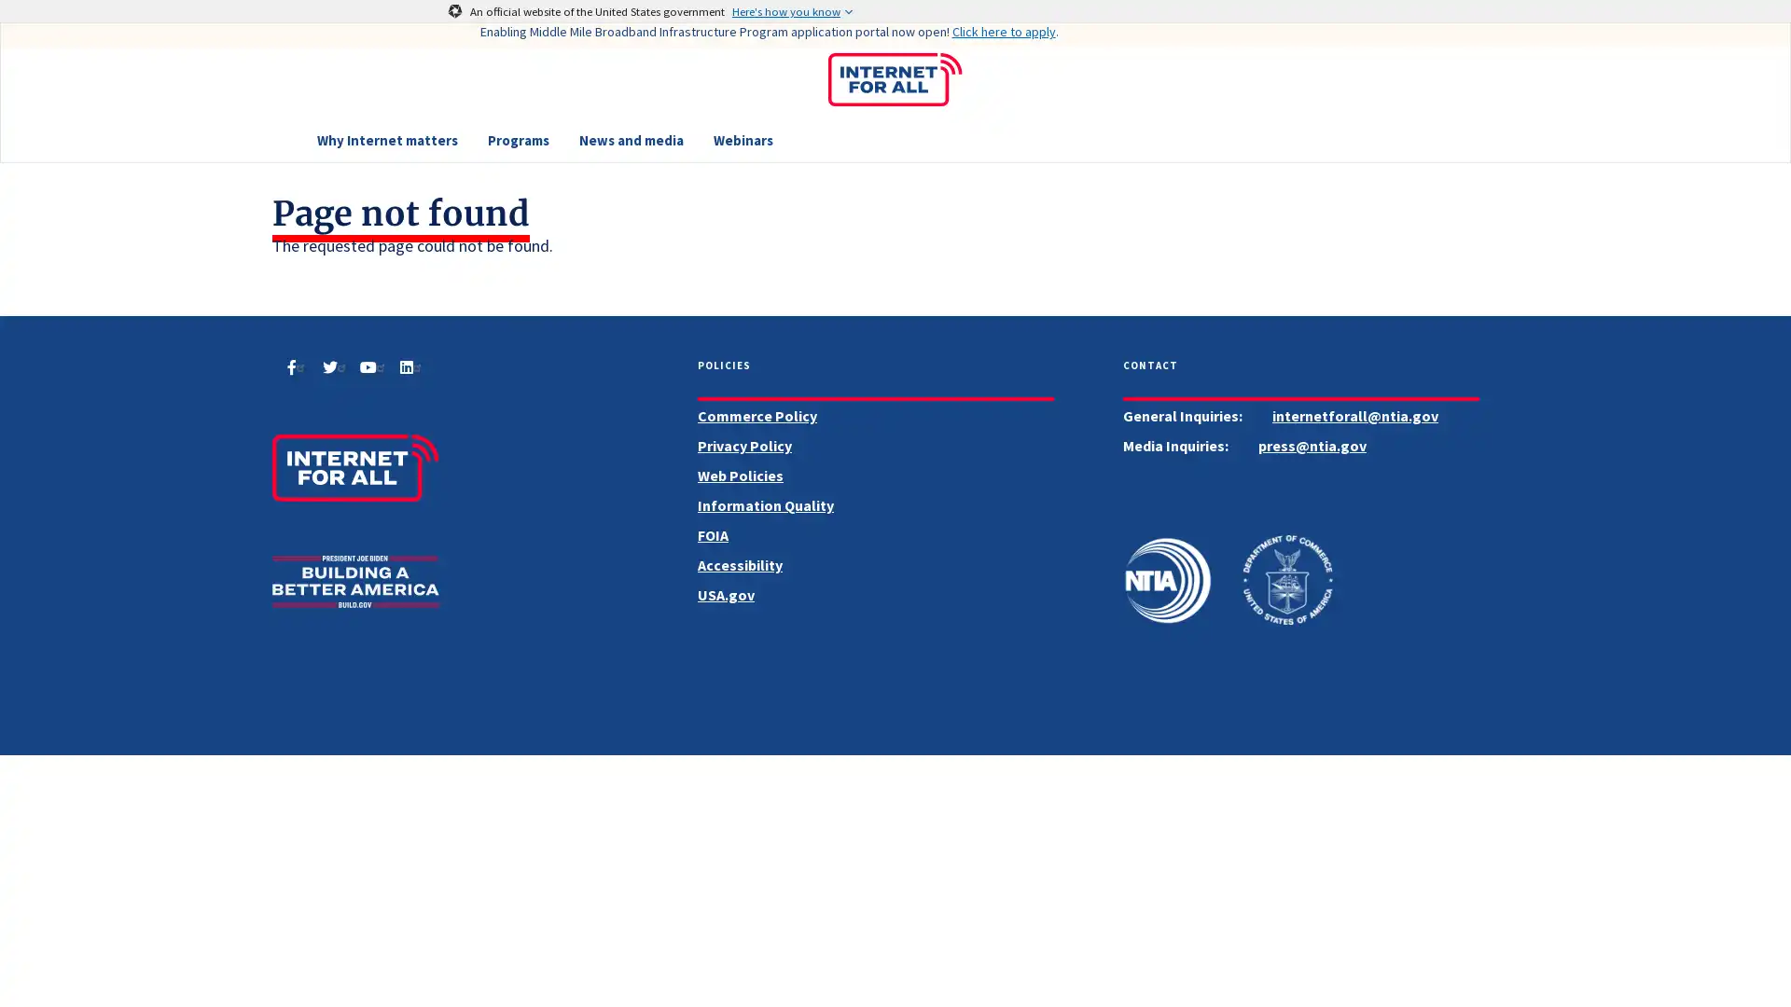  I want to click on Here's how you know, so click(792, 10).